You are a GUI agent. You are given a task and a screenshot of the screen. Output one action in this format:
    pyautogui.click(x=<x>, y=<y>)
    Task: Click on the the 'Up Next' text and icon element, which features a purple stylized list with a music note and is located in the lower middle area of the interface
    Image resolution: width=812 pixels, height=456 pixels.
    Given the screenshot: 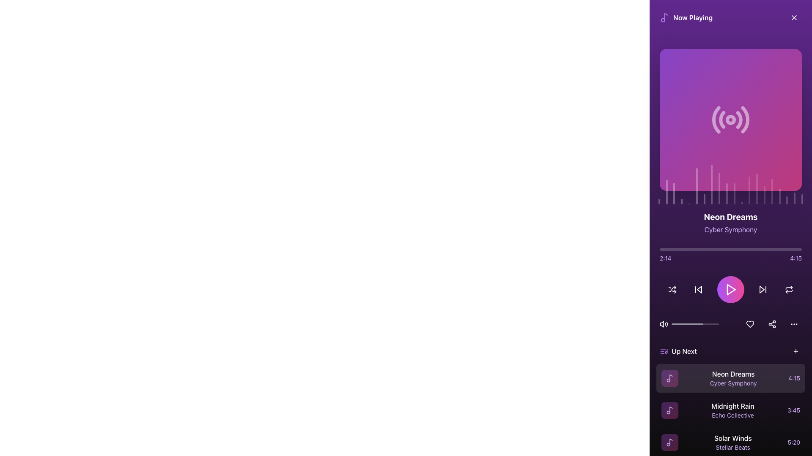 What is the action you would take?
    pyautogui.click(x=678, y=351)
    